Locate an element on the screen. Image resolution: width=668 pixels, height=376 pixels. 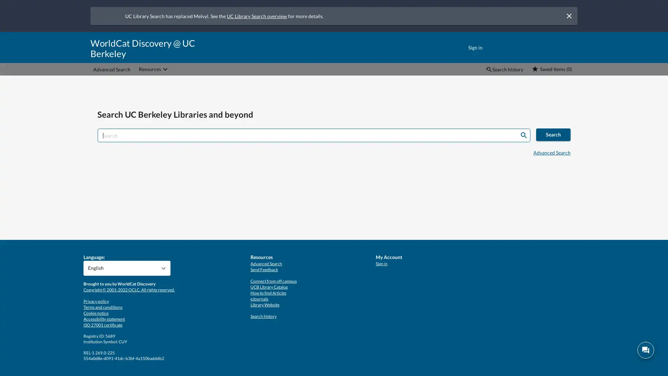
Dismiss is located at coordinates (569, 16).